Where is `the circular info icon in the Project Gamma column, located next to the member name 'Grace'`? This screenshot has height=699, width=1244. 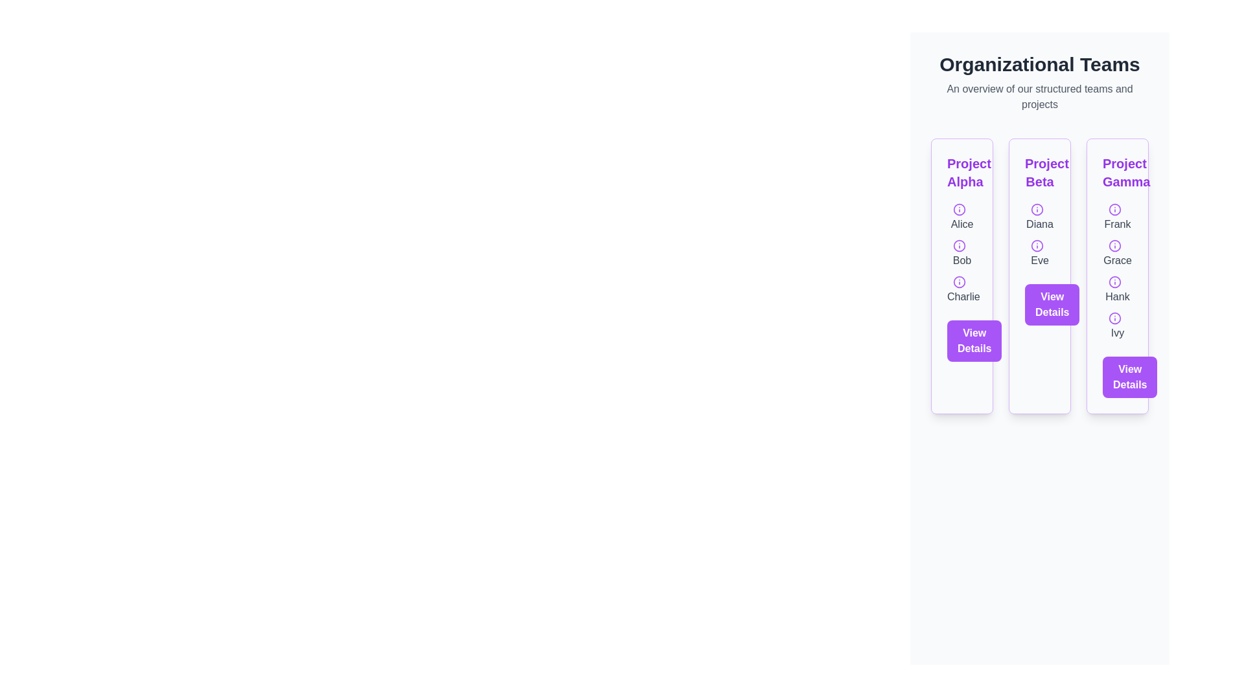 the circular info icon in the Project Gamma column, located next to the member name 'Grace' is located at coordinates (1114, 245).